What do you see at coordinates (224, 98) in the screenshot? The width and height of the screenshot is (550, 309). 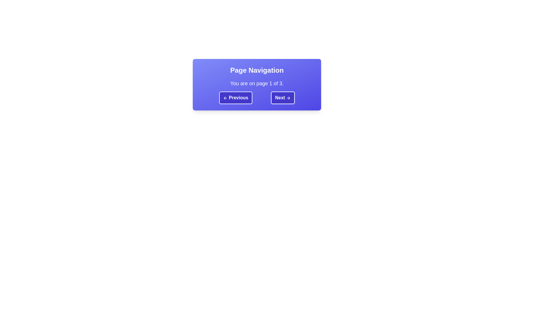 I see `the backward navigation icon located inside the 'Previous' button in the navigation panel, which visually represents a leftward movement` at bounding box center [224, 98].